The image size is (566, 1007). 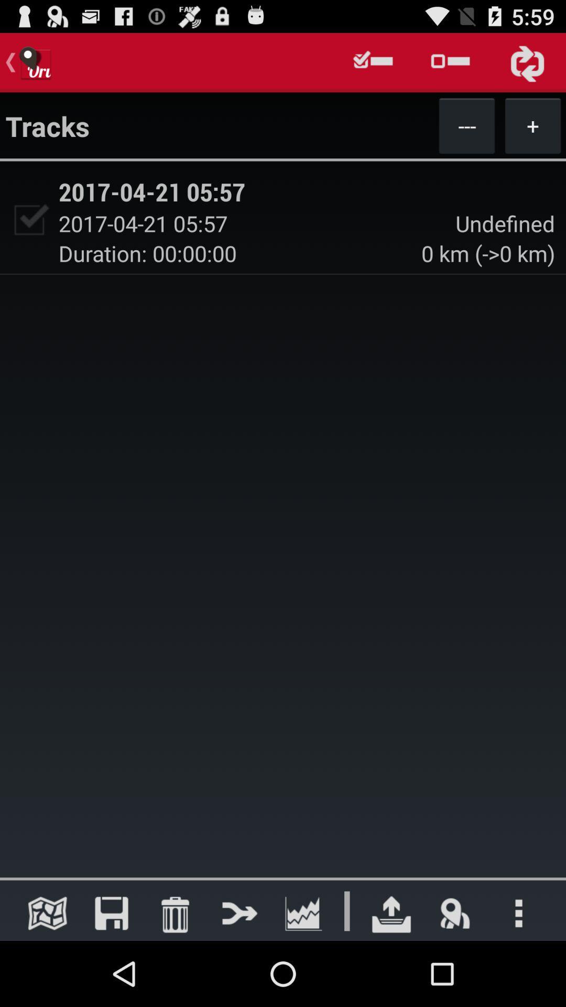 What do you see at coordinates (47, 913) in the screenshot?
I see `access map` at bounding box center [47, 913].